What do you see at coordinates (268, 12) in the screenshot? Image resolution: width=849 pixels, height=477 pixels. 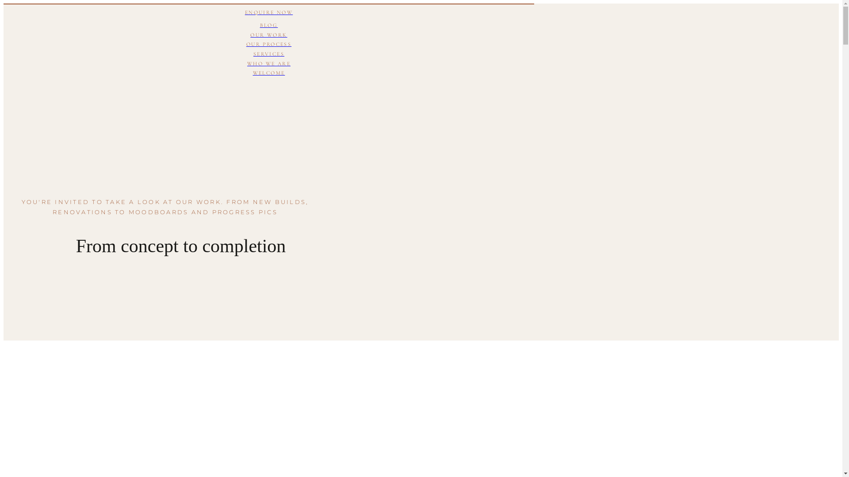 I see `'ENQUIRE NOW'` at bounding box center [268, 12].